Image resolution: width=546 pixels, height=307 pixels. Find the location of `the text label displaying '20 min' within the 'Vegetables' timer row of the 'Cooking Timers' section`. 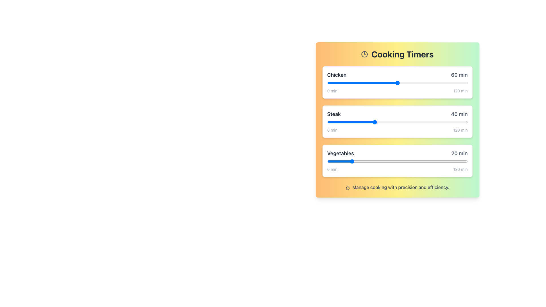

the text label displaying '20 min' within the 'Vegetables' timer row of the 'Cooking Timers' section is located at coordinates (459, 153).